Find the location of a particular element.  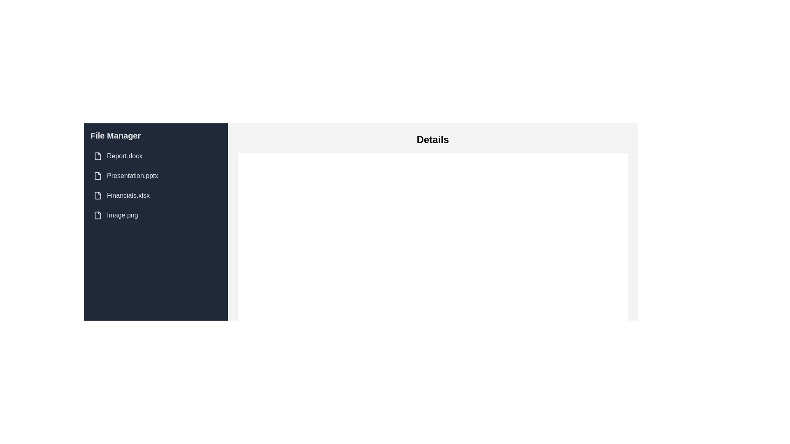

to select the file titled 'Report.docx' which is the first file entry in the vertical list within the left sidebar is located at coordinates (156, 156).